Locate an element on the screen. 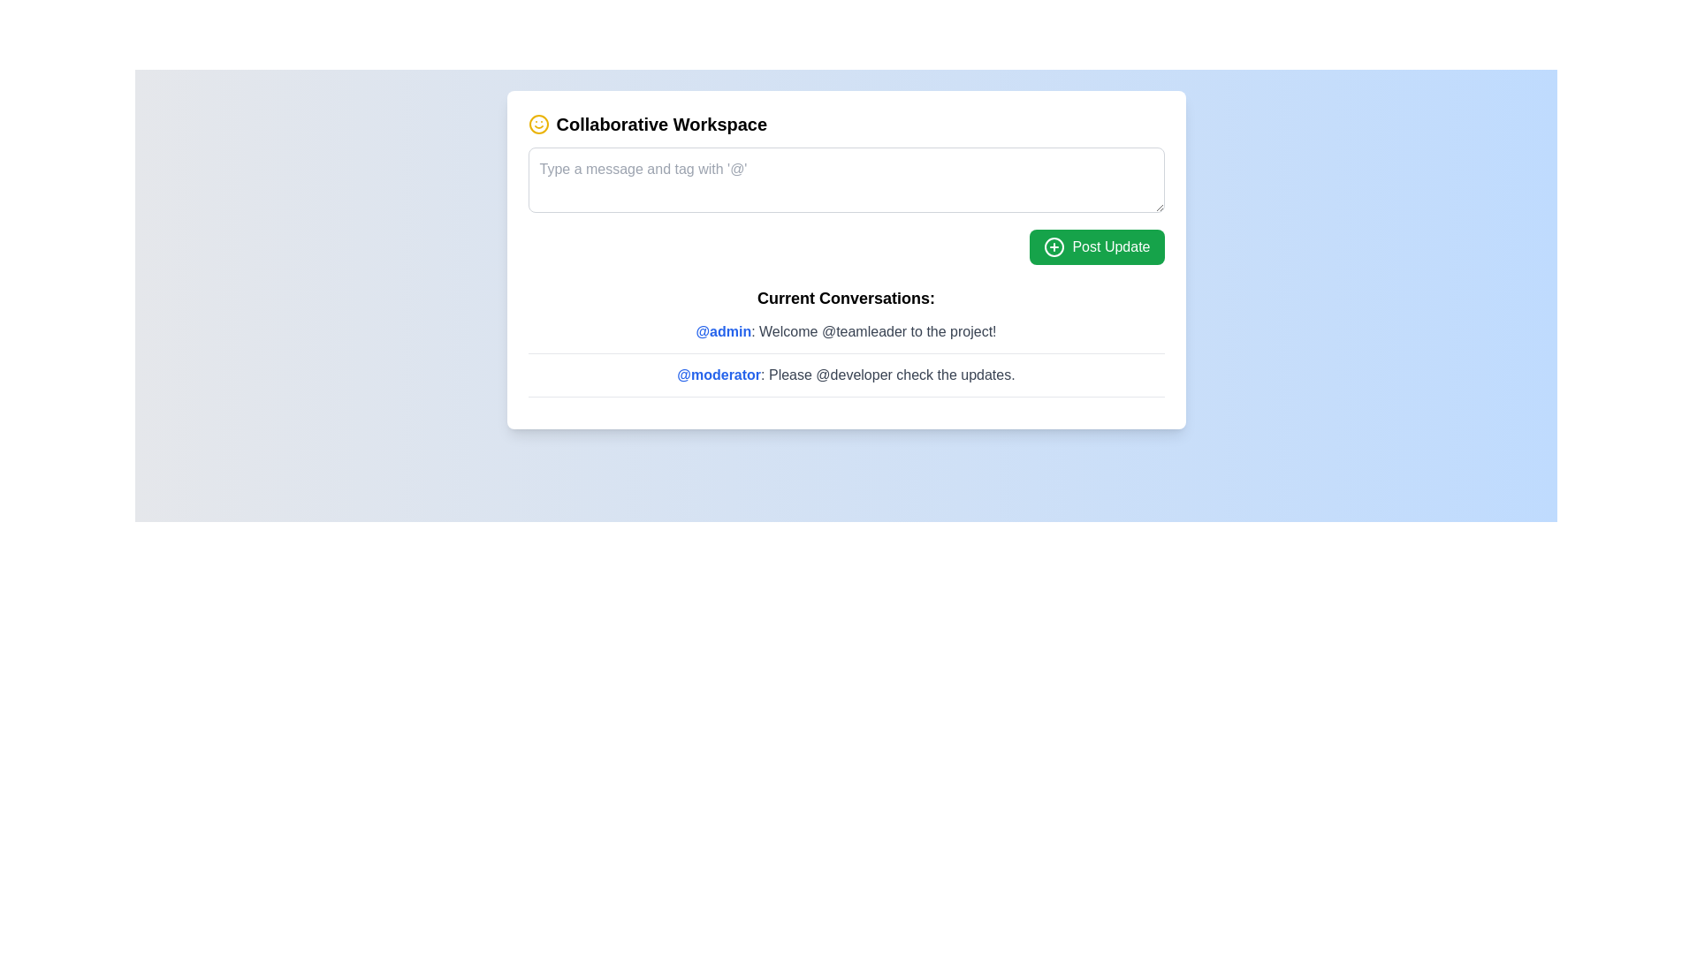  the '@admin' hyperlink in the first message of the 'Current Conversations' section is located at coordinates (723, 331).